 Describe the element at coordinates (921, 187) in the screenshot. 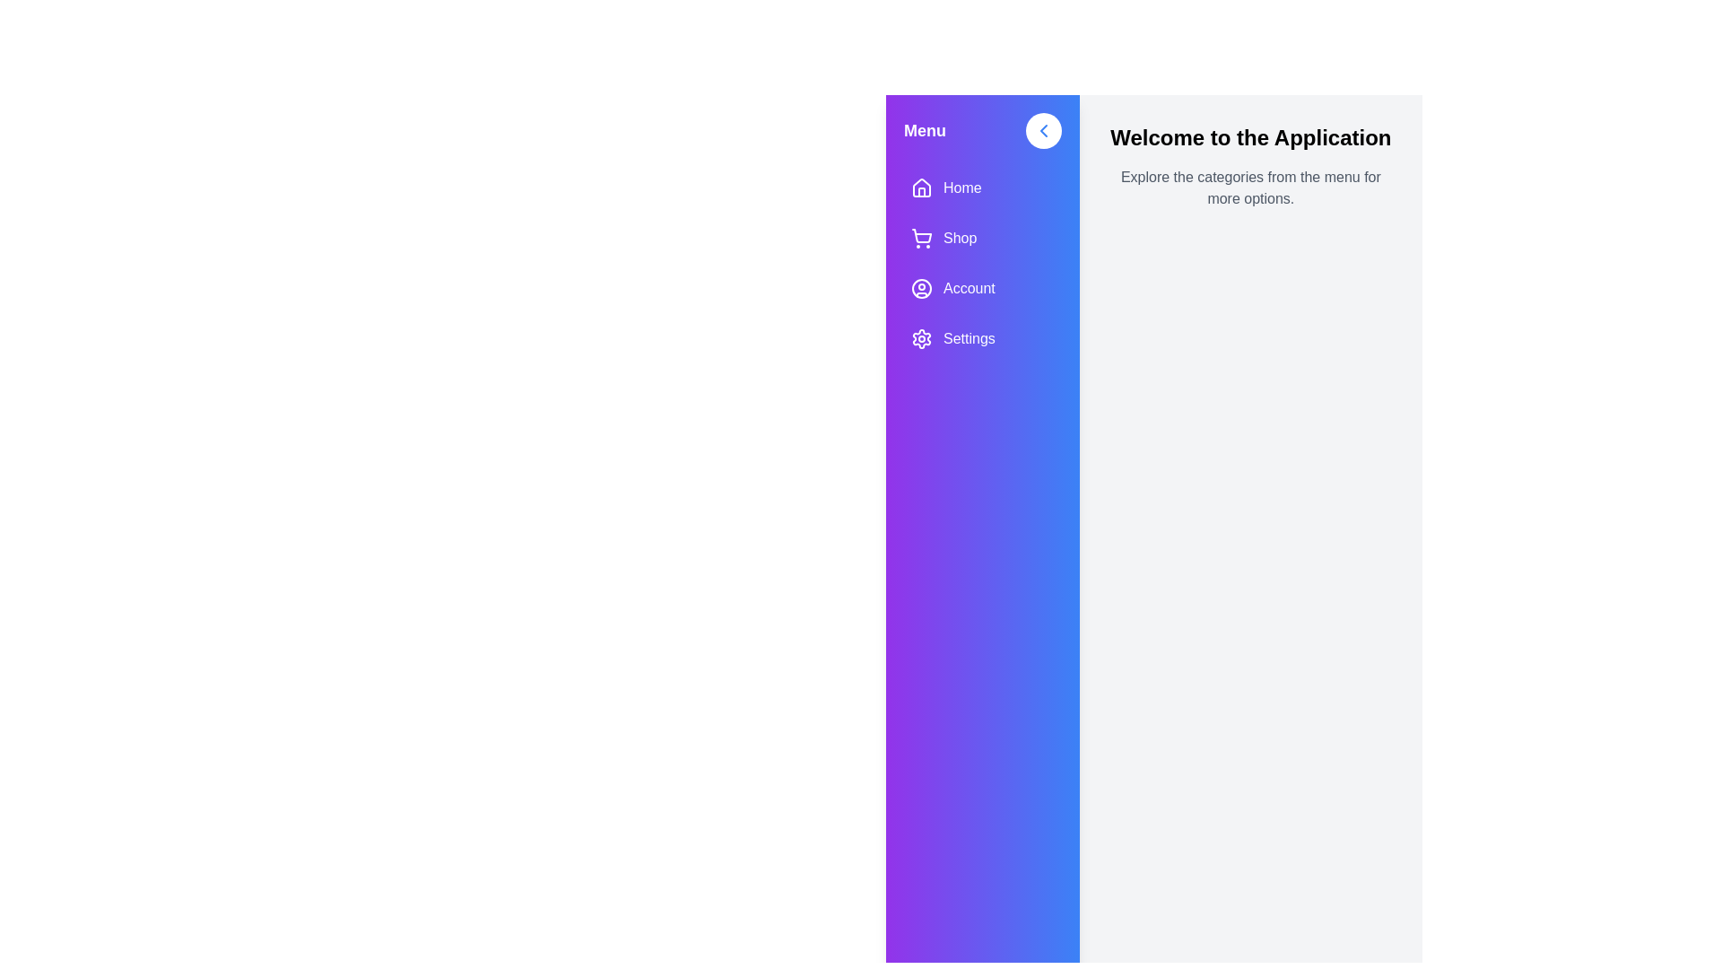

I see `the 'Home' SVG icon located in the left-side menu panel, positioned directly above the text 'Home'` at that location.